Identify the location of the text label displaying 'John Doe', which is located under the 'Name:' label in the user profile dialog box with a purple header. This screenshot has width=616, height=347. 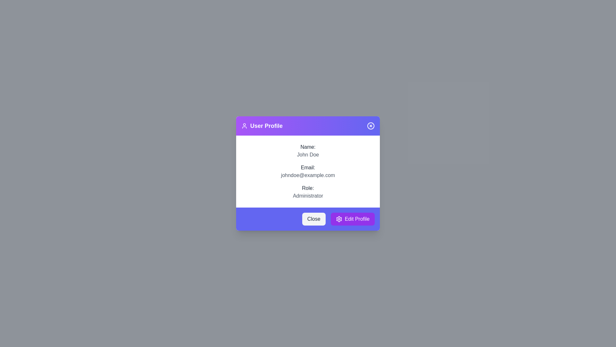
(308, 155).